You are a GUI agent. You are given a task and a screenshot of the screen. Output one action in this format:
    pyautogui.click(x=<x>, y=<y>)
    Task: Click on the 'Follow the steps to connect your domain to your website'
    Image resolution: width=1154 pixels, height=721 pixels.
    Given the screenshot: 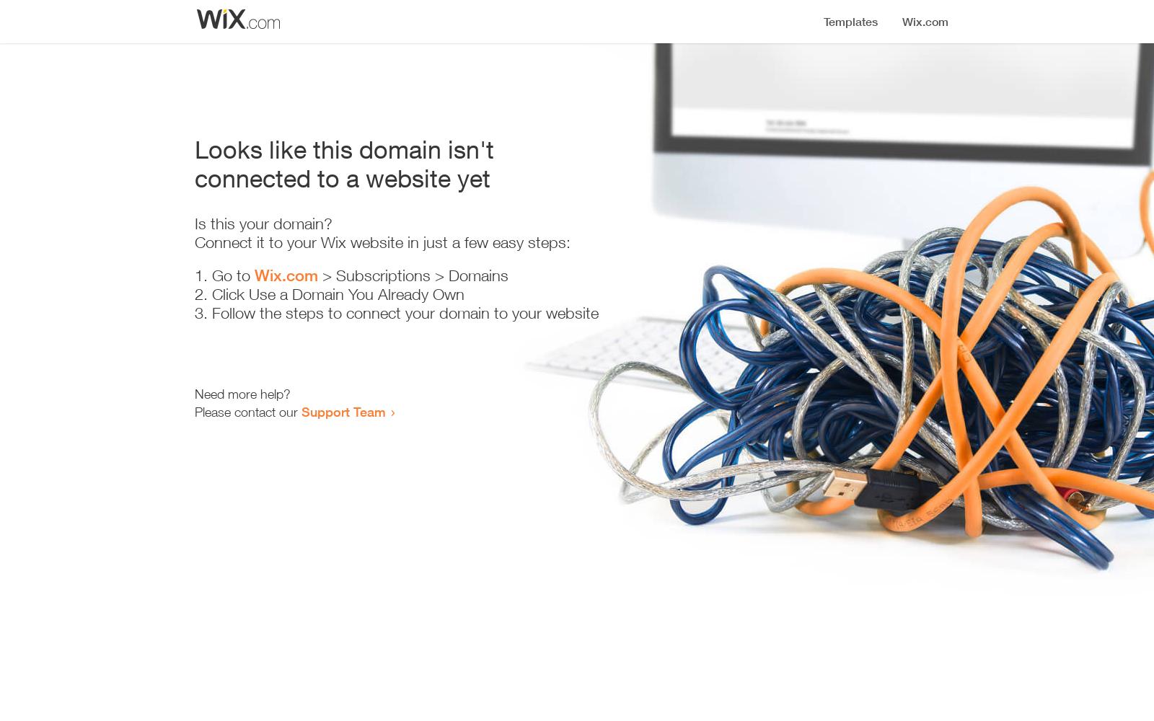 What is the action you would take?
    pyautogui.click(x=405, y=313)
    